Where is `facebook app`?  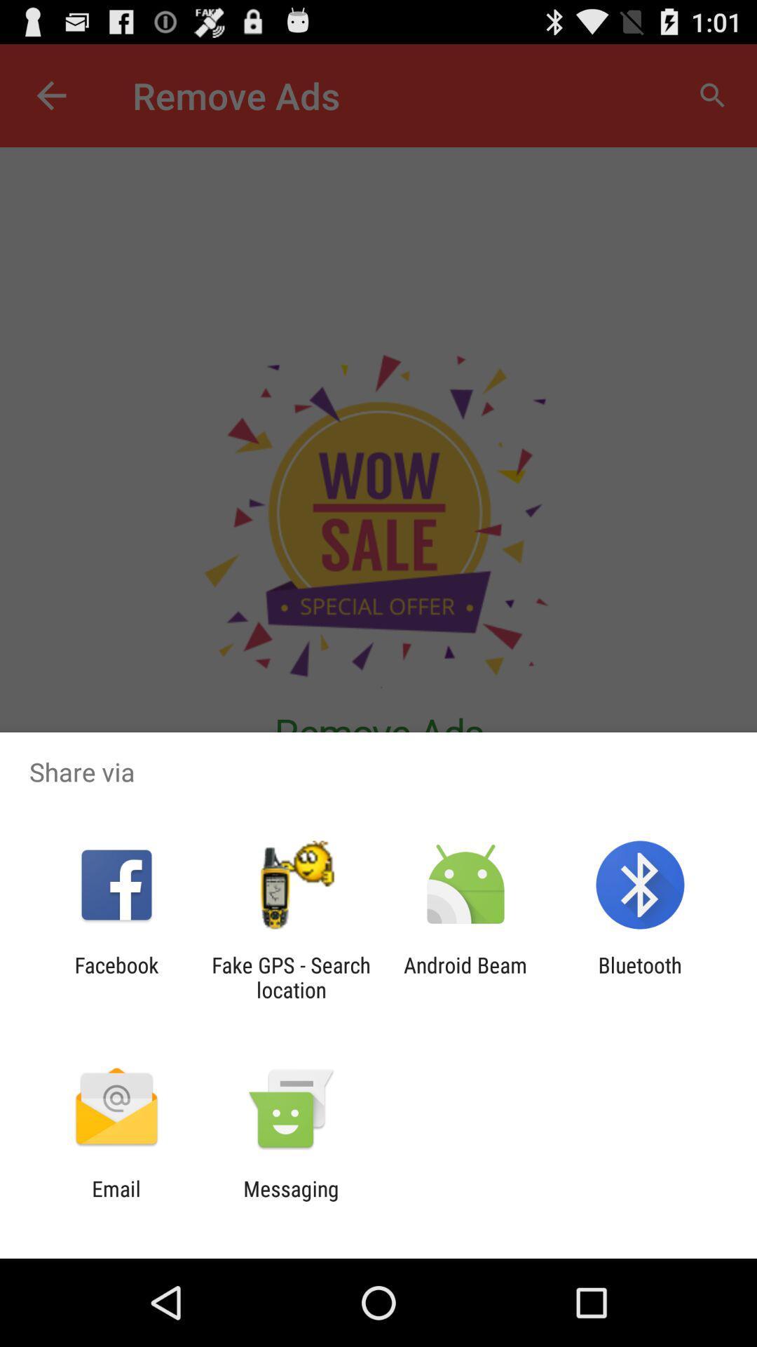 facebook app is located at coordinates (116, 977).